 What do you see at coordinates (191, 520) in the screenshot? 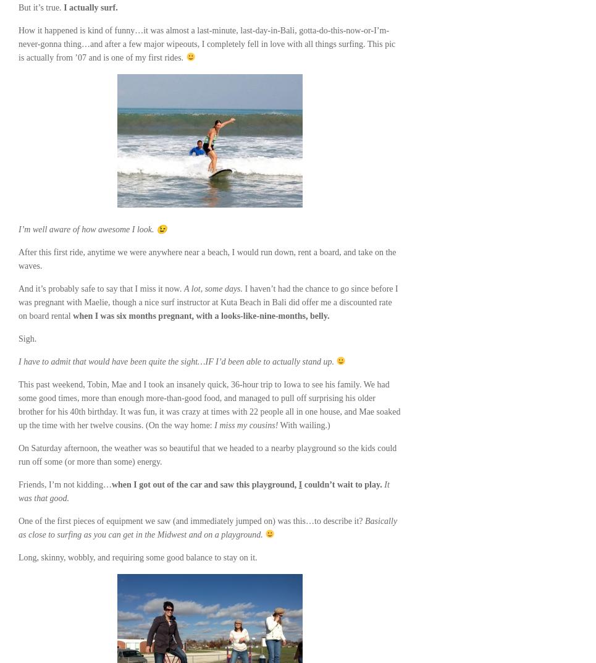
I see `'One of the first pieces of equipment we saw (and immediately jumped on) was this…to describe it?'` at bounding box center [191, 520].